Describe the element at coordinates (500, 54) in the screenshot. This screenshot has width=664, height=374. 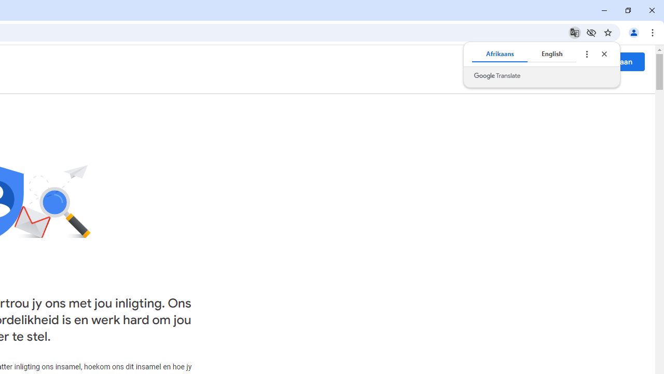
I see `'Afrikaans'` at that location.